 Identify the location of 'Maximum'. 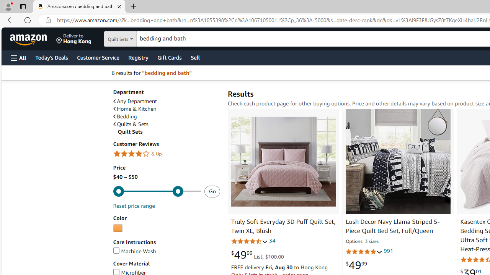
(157, 191).